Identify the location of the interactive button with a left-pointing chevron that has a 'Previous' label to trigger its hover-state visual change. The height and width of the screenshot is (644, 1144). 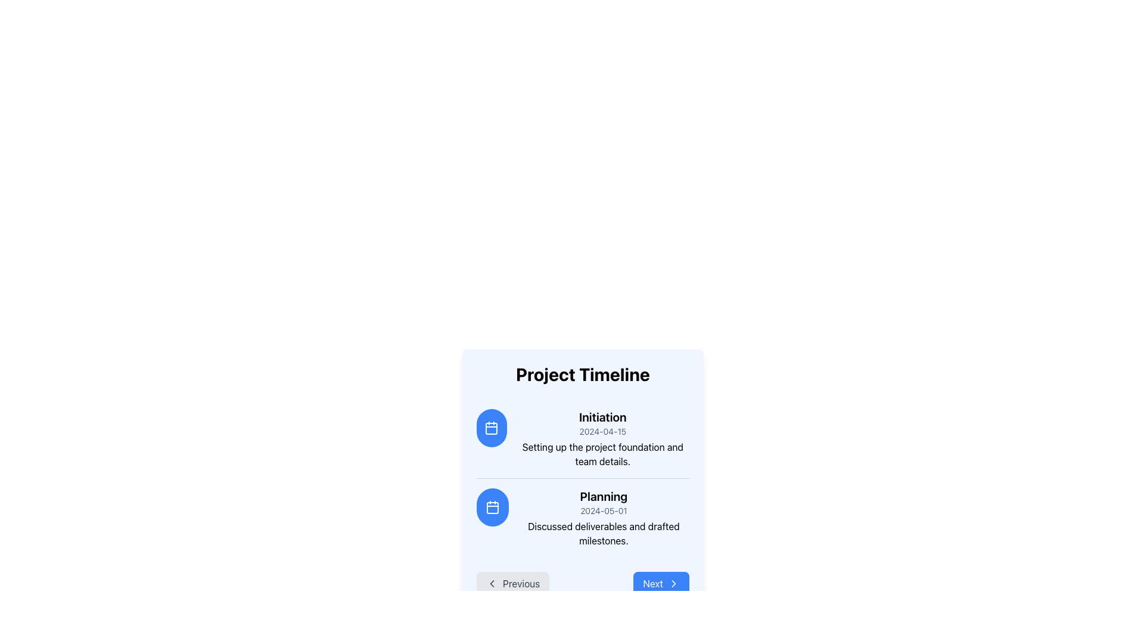
(492, 583).